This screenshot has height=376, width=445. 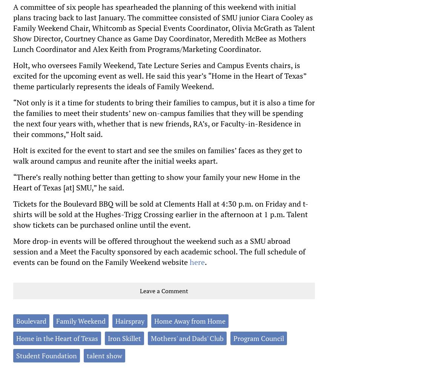 What do you see at coordinates (15, 320) in the screenshot?
I see `'Boulevard'` at bounding box center [15, 320].